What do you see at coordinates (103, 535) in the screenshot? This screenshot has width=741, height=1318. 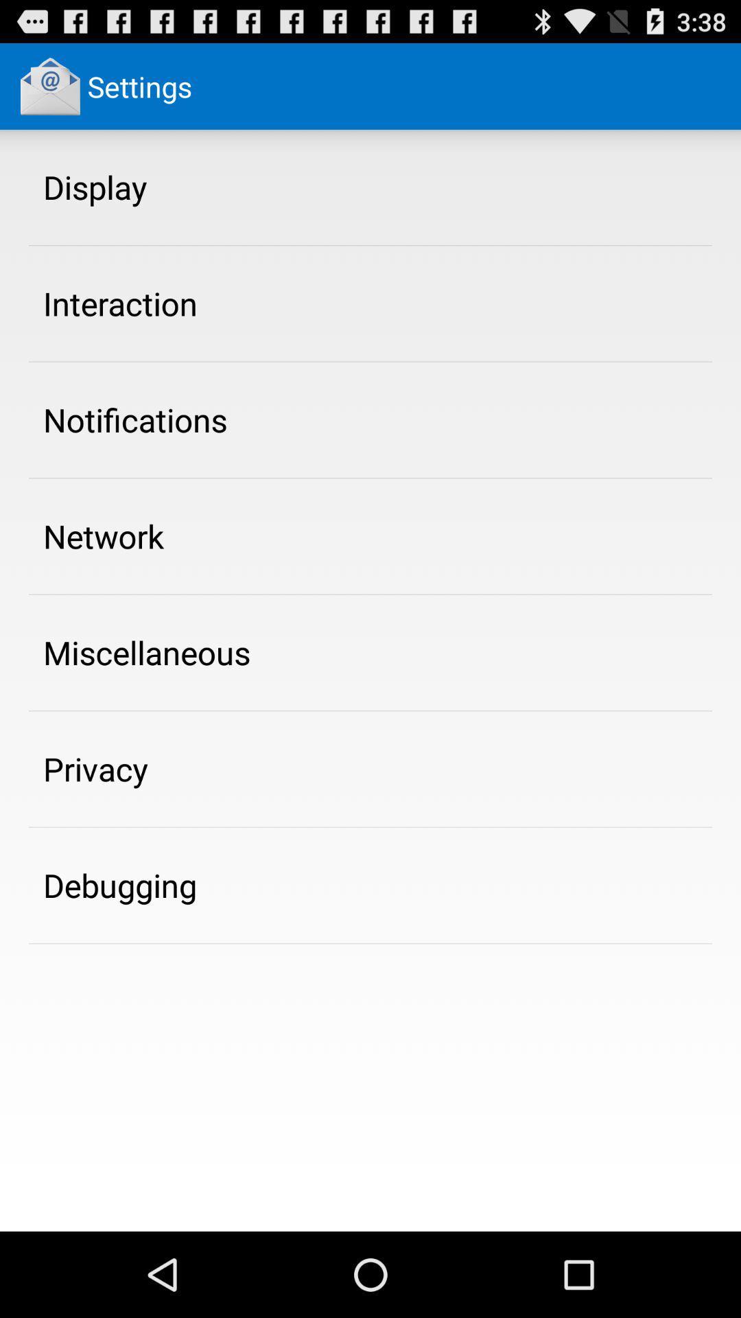 I see `network item` at bounding box center [103, 535].